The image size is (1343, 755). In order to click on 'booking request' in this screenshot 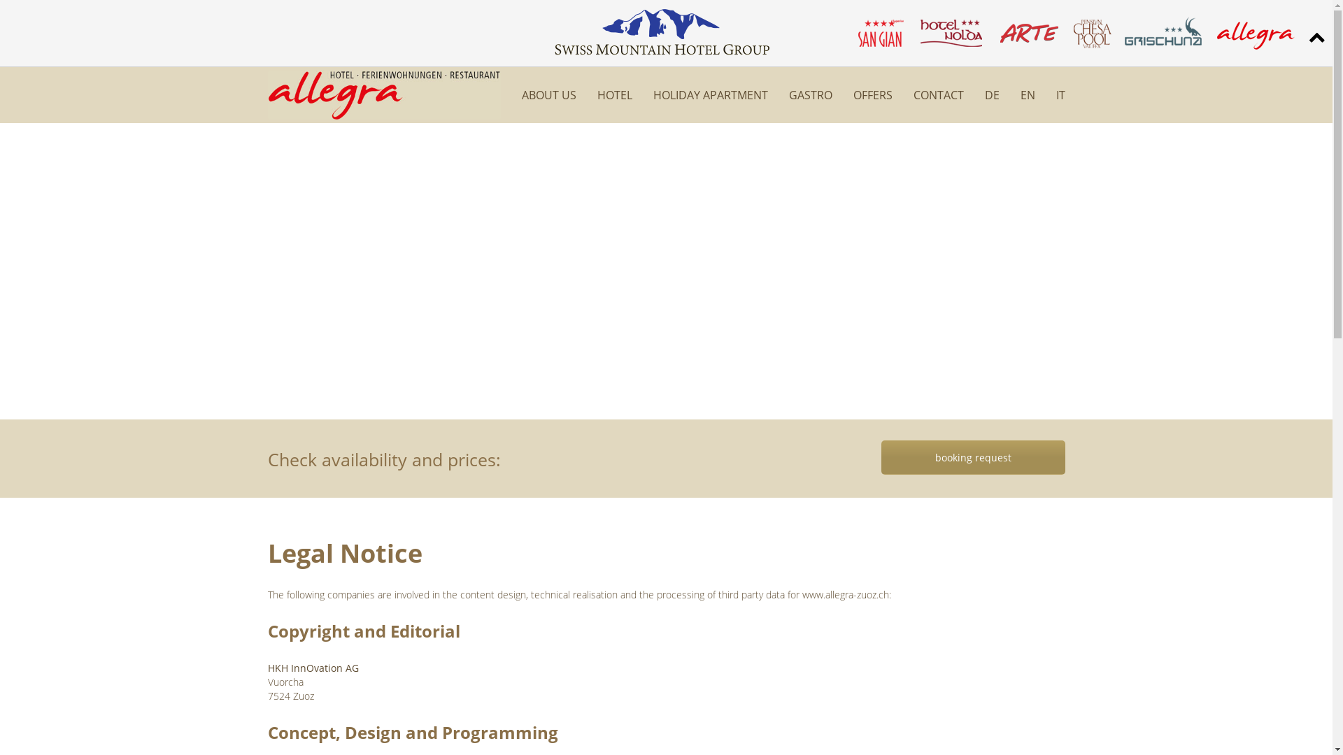, I will do `click(972, 457)`.